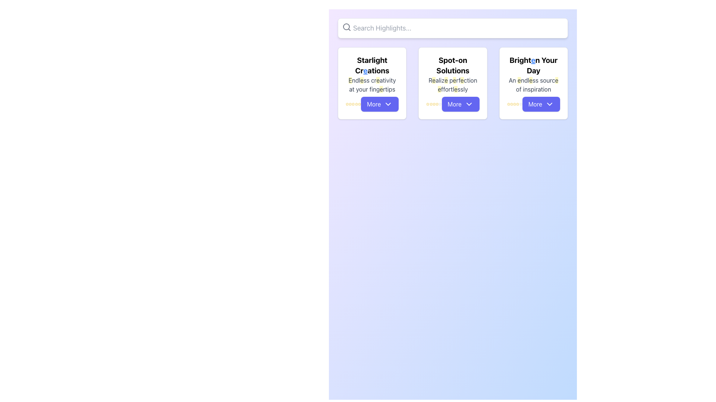  Describe the element at coordinates (430, 80) in the screenshot. I see `text content of the letter 'R' which is the first character of the phrase 'Realize perfection effortlessly' located in the central card of three horizontally aligned cards, below the heading 'Spot-on Solutions'` at that location.